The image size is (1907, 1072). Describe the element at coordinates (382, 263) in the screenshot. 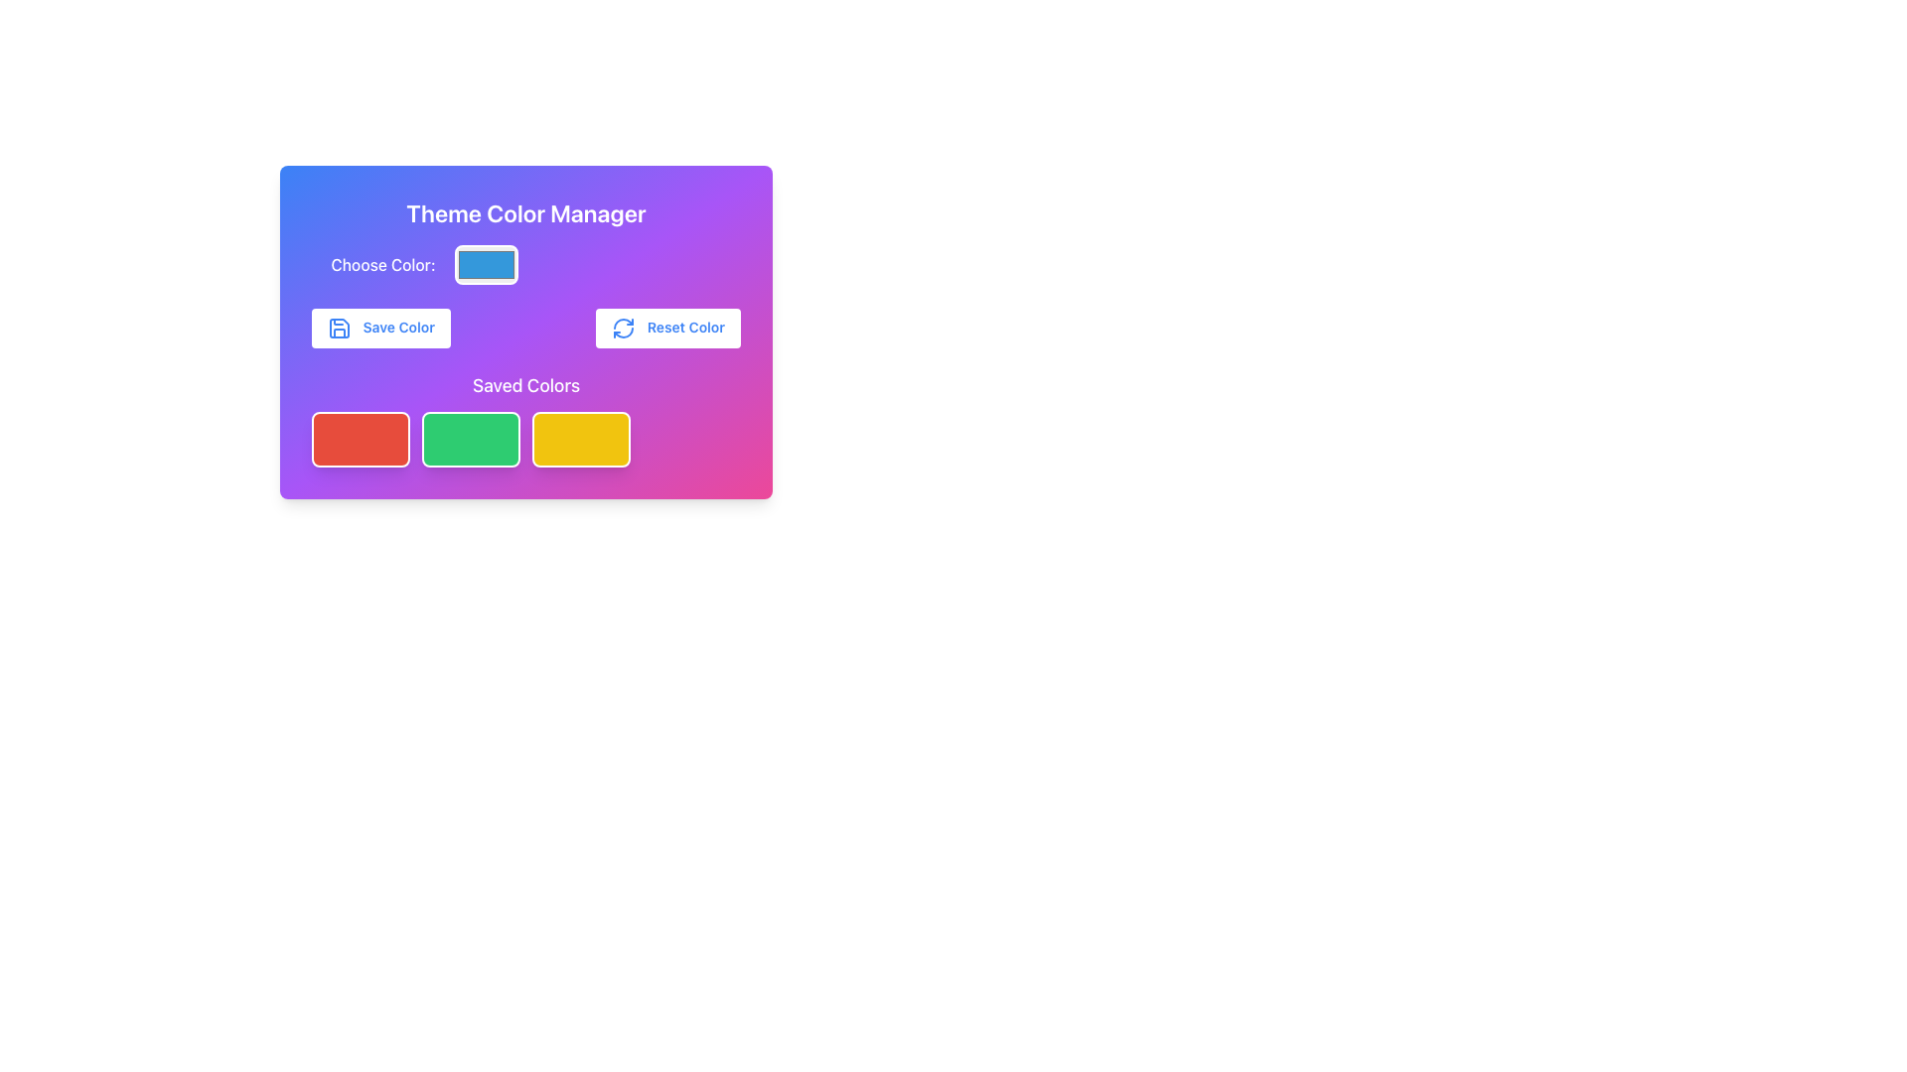

I see `the text label that indicates the purpose of the color picker input field, located in the top-left quadrant of the application interface` at that location.